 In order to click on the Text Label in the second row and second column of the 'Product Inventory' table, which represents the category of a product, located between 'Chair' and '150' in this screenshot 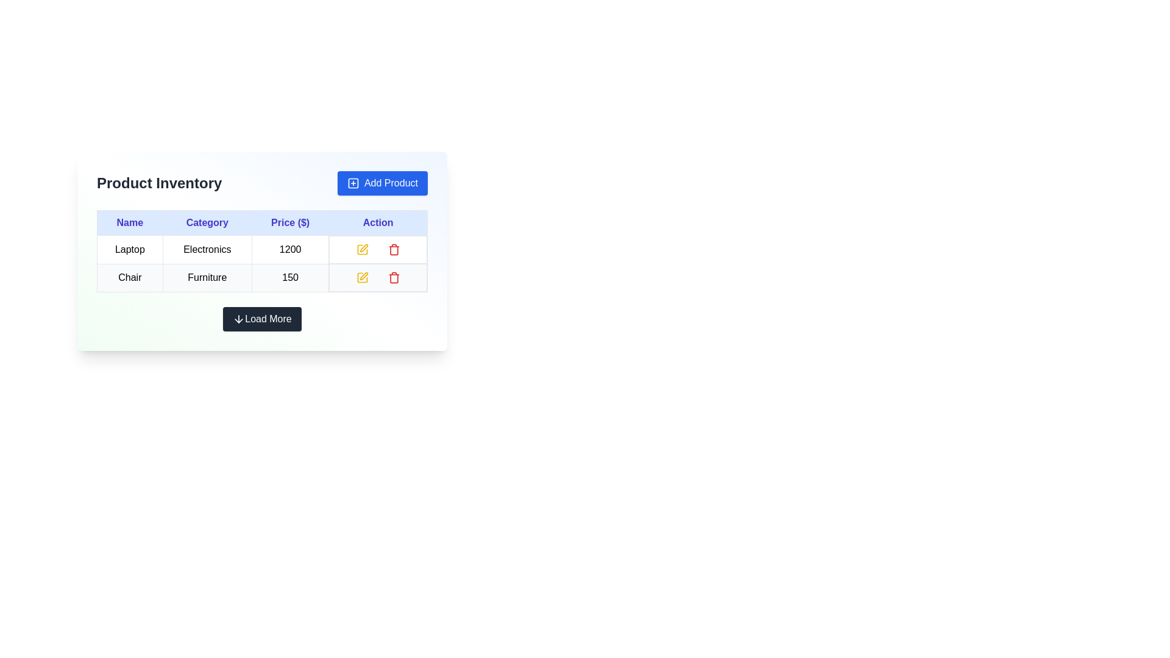, I will do `click(207, 278)`.